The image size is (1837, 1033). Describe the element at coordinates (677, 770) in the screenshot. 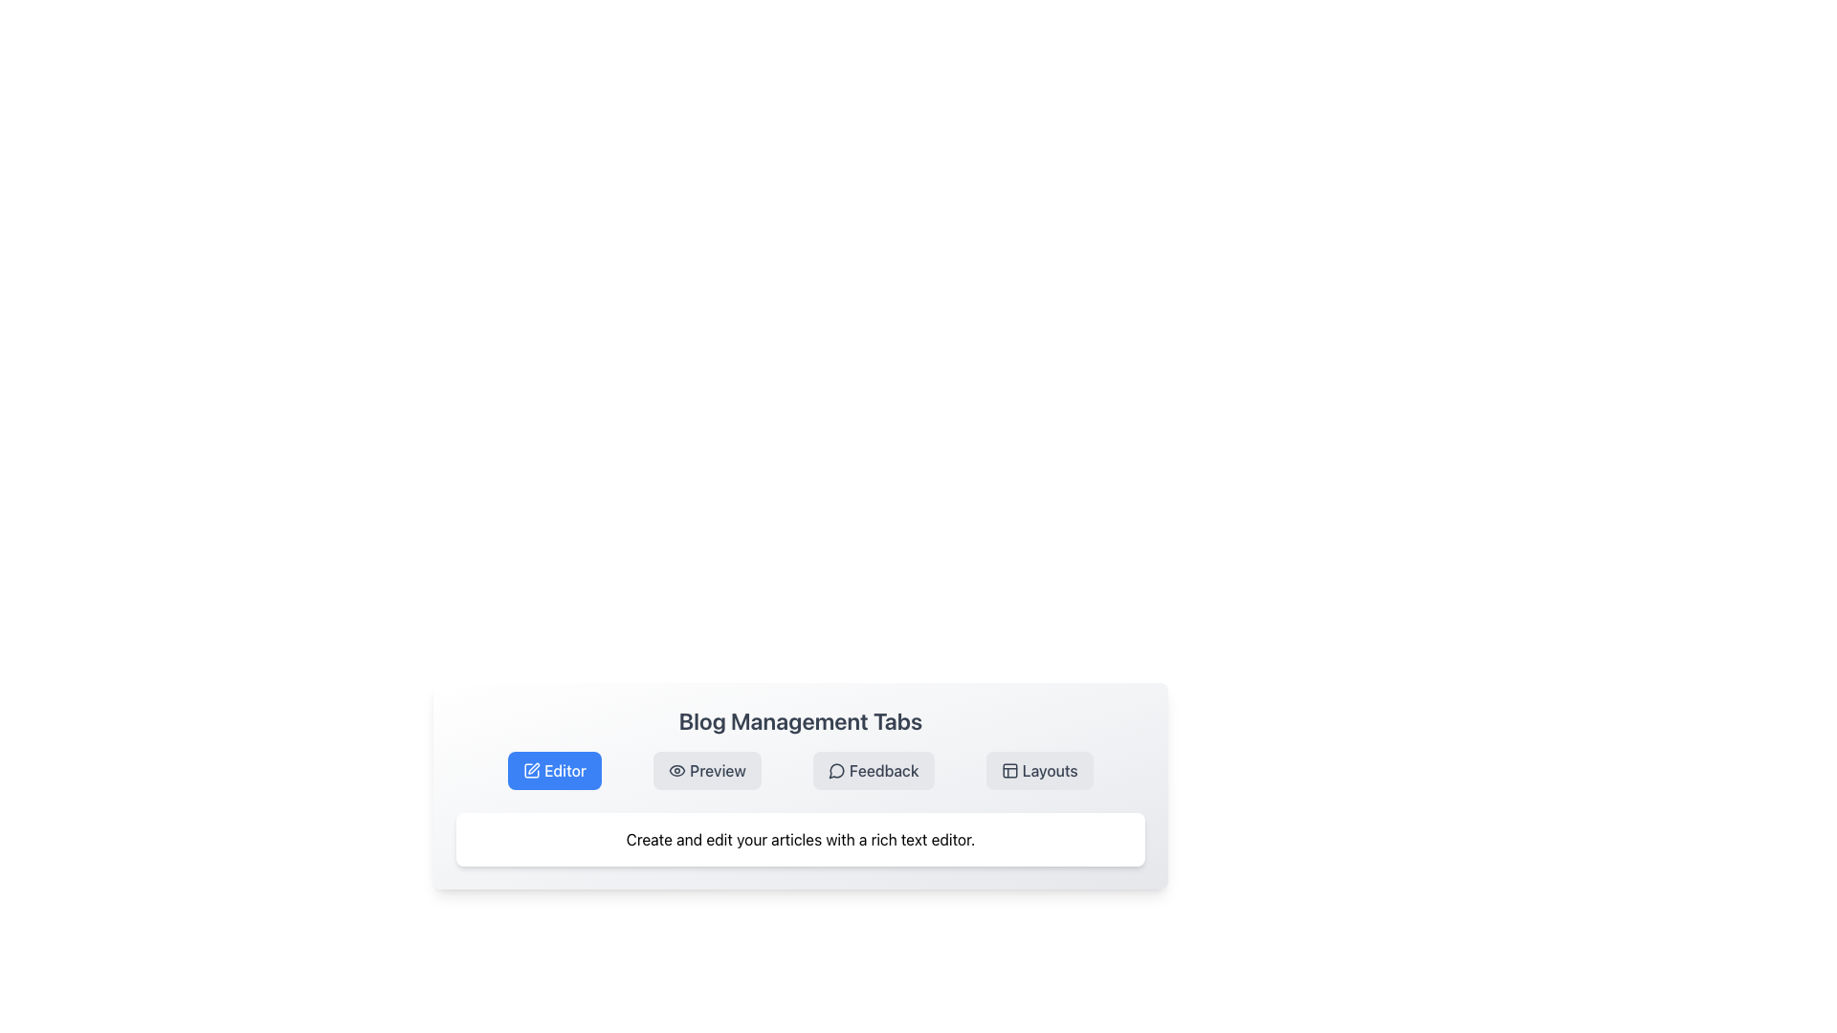

I see `the eye icon element in the toolbar, which indicates the 'Preview' functionality, located to the right of the 'Editor' button and adjacent to the 'Preview' button` at that location.